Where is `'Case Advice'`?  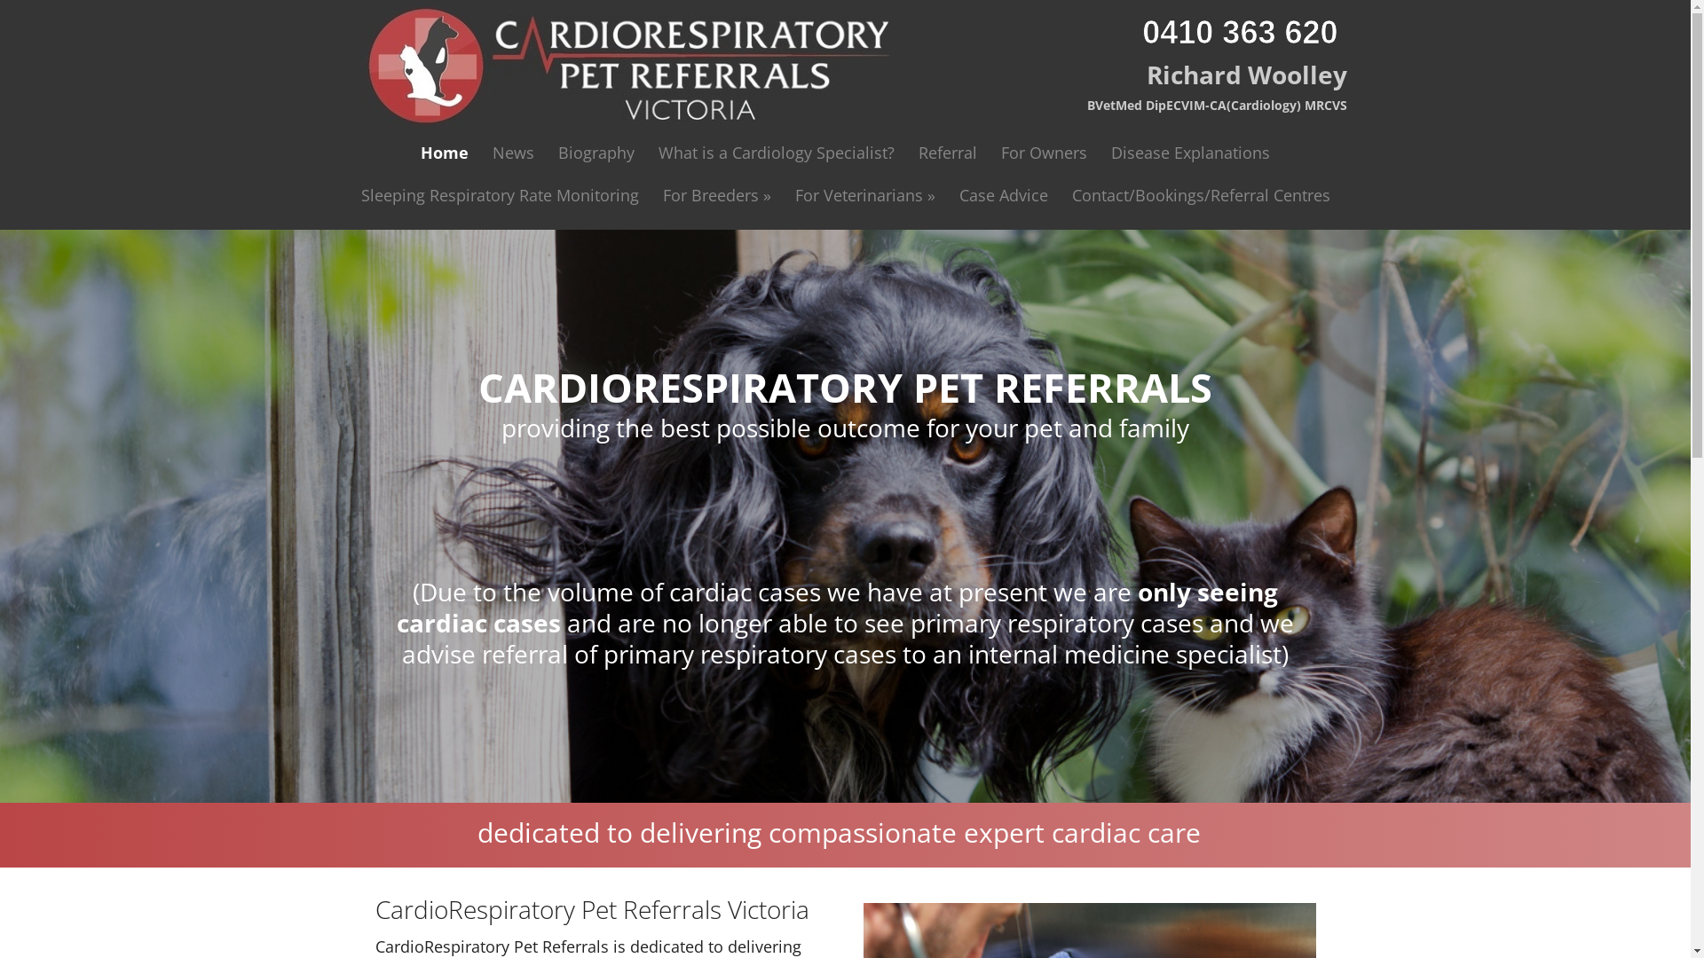
'Case Advice' is located at coordinates (1004, 194).